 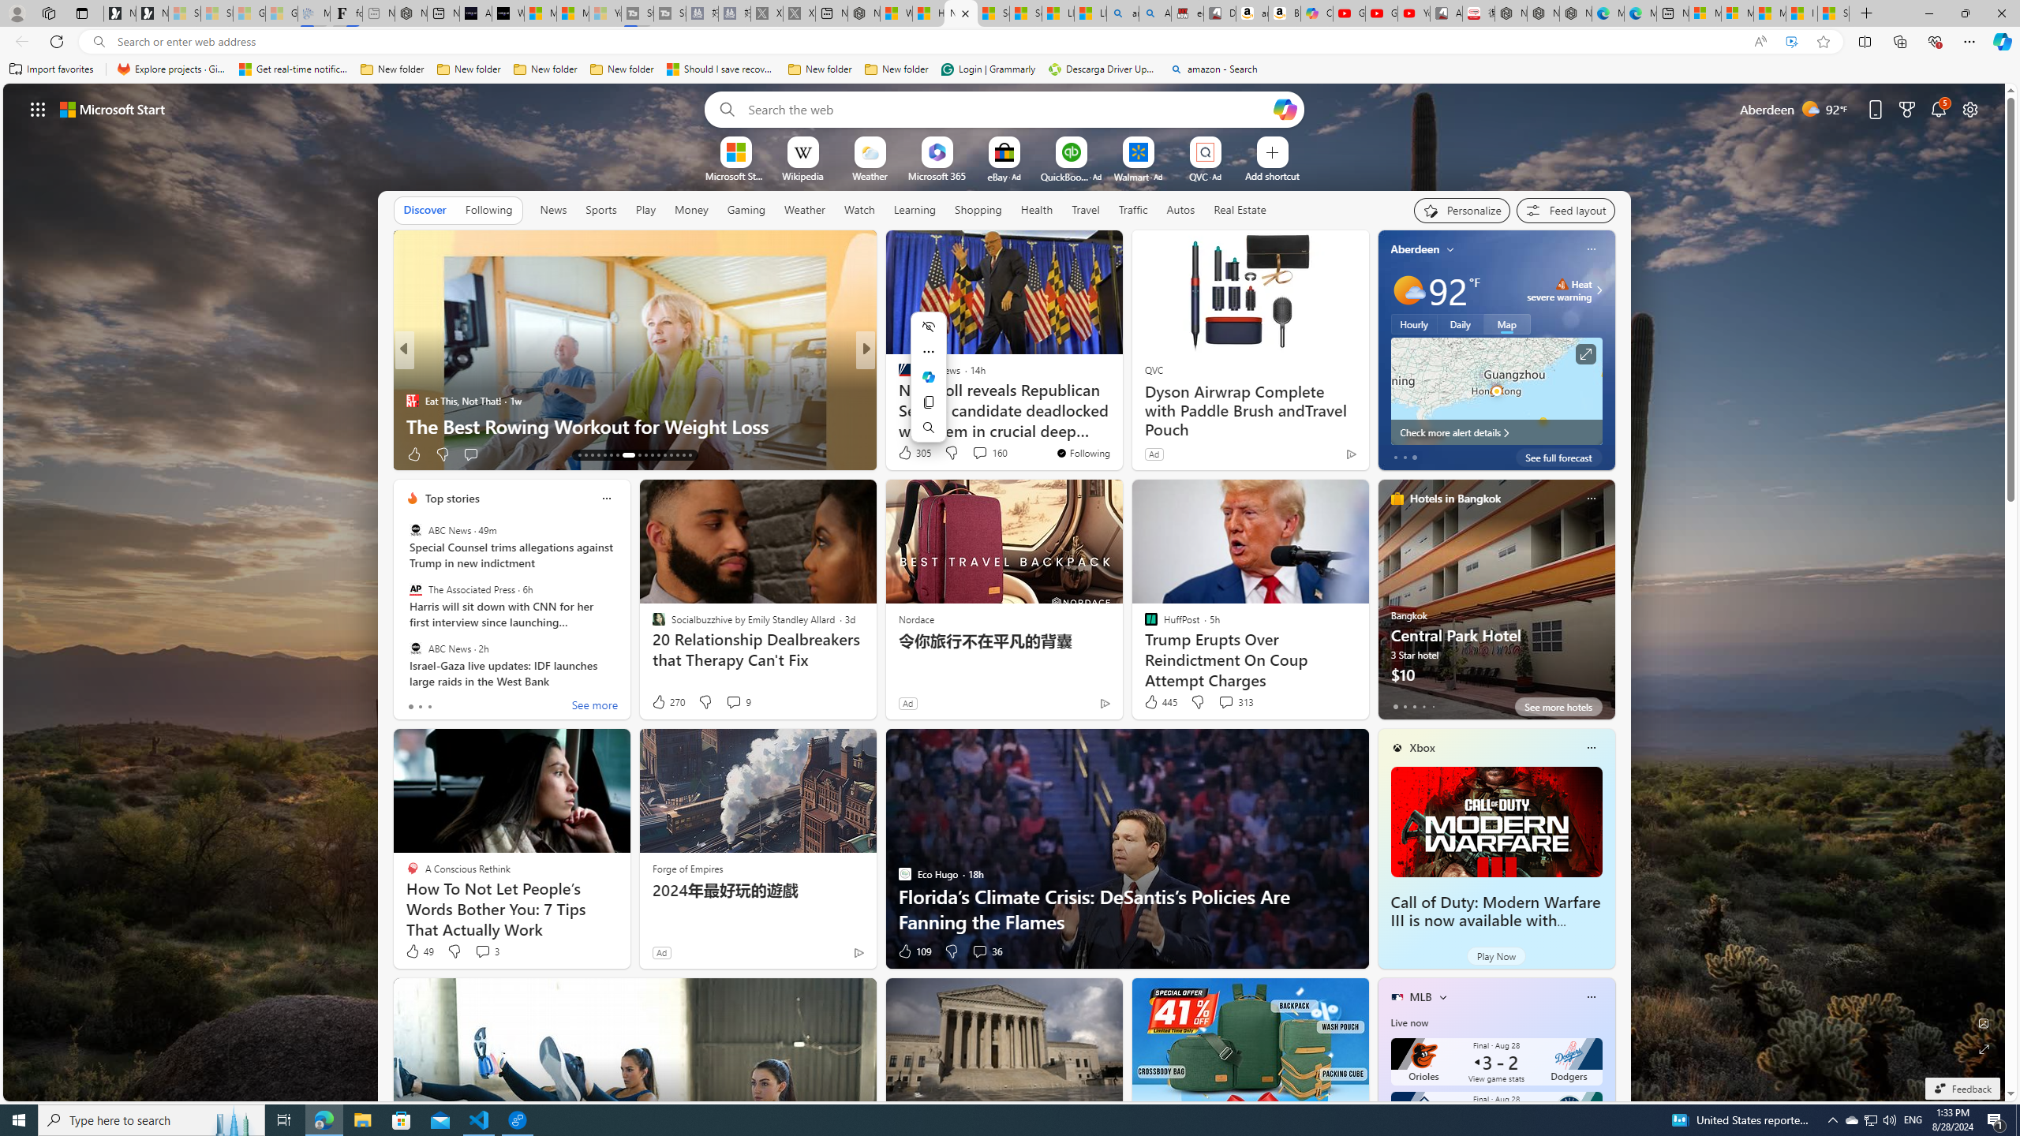 I want to click on 'Restore', so click(x=1965, y=13).